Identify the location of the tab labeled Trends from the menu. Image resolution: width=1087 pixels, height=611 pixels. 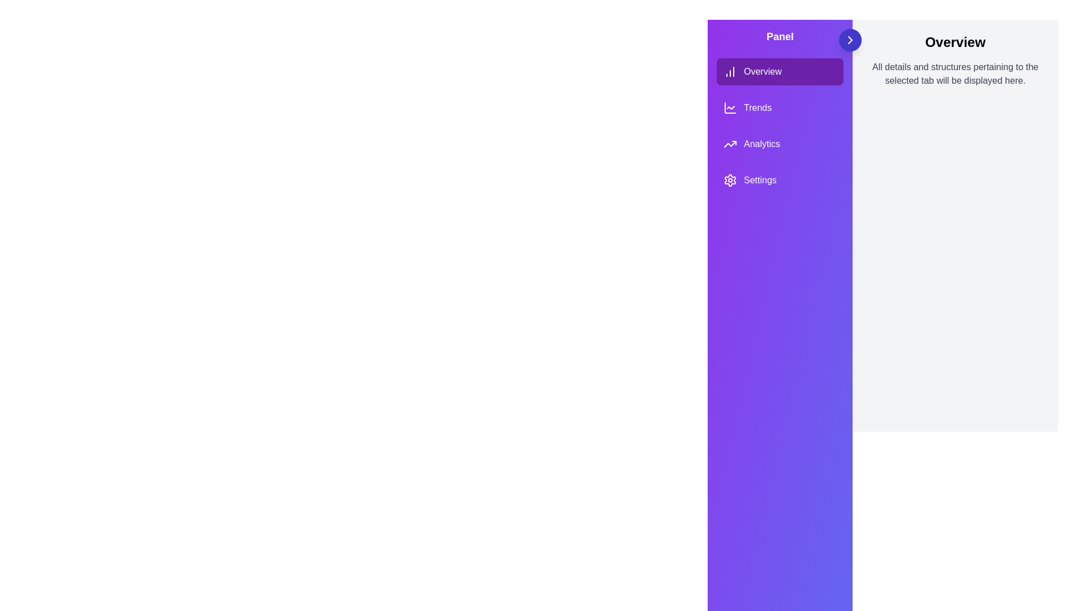
(779, 108).